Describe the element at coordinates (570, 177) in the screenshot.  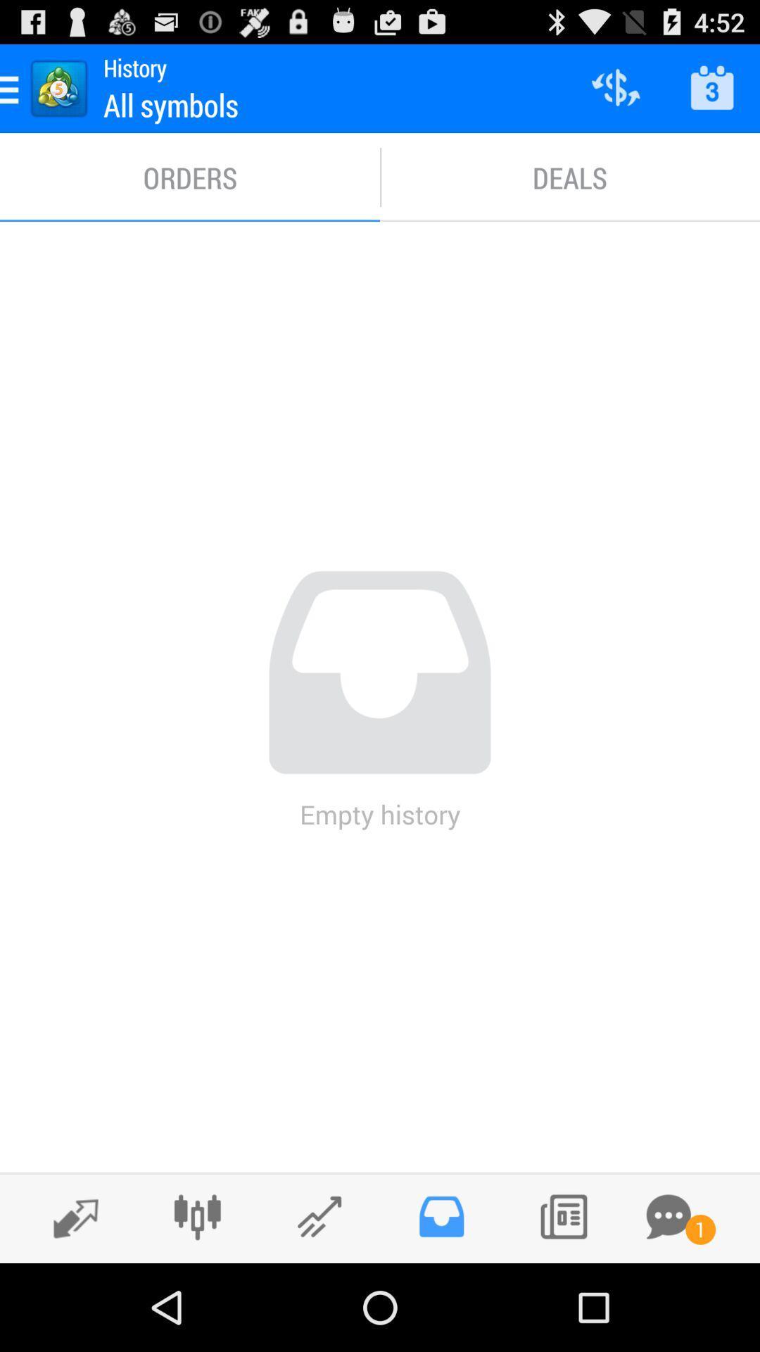
I see `item above the empty history icon` at that location.